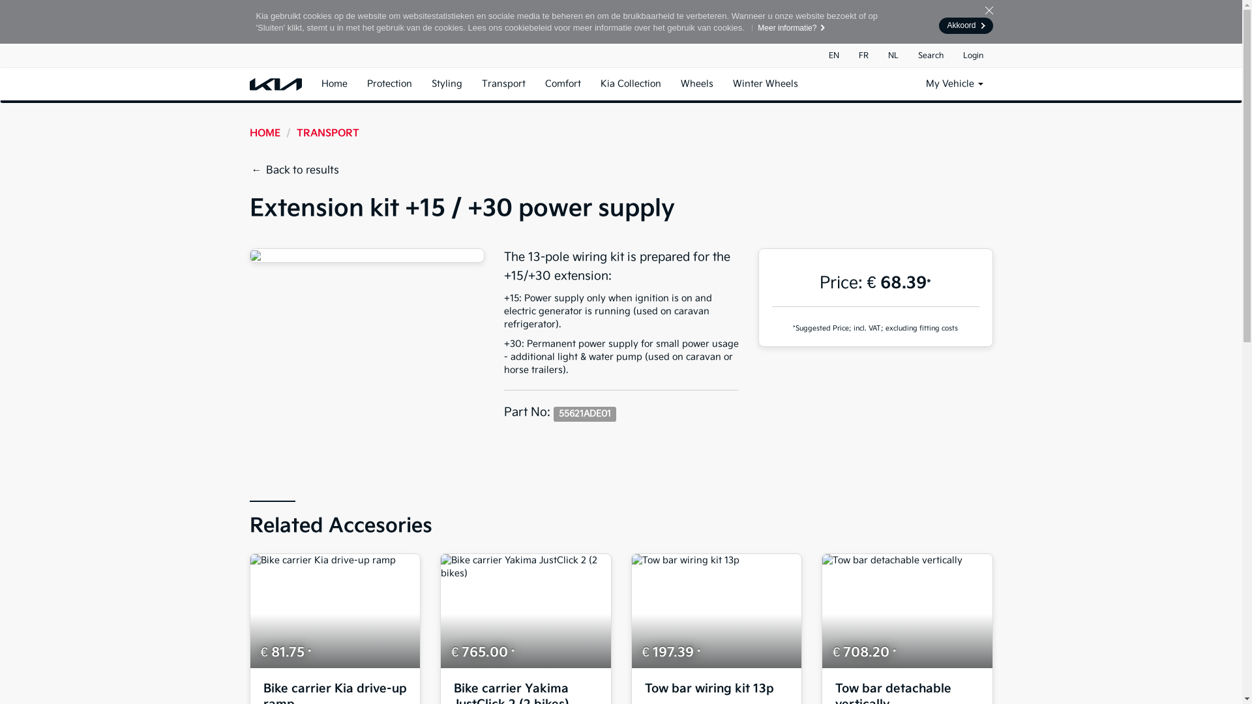  I want to click on 'TRANSPORT', so click(327, 133).